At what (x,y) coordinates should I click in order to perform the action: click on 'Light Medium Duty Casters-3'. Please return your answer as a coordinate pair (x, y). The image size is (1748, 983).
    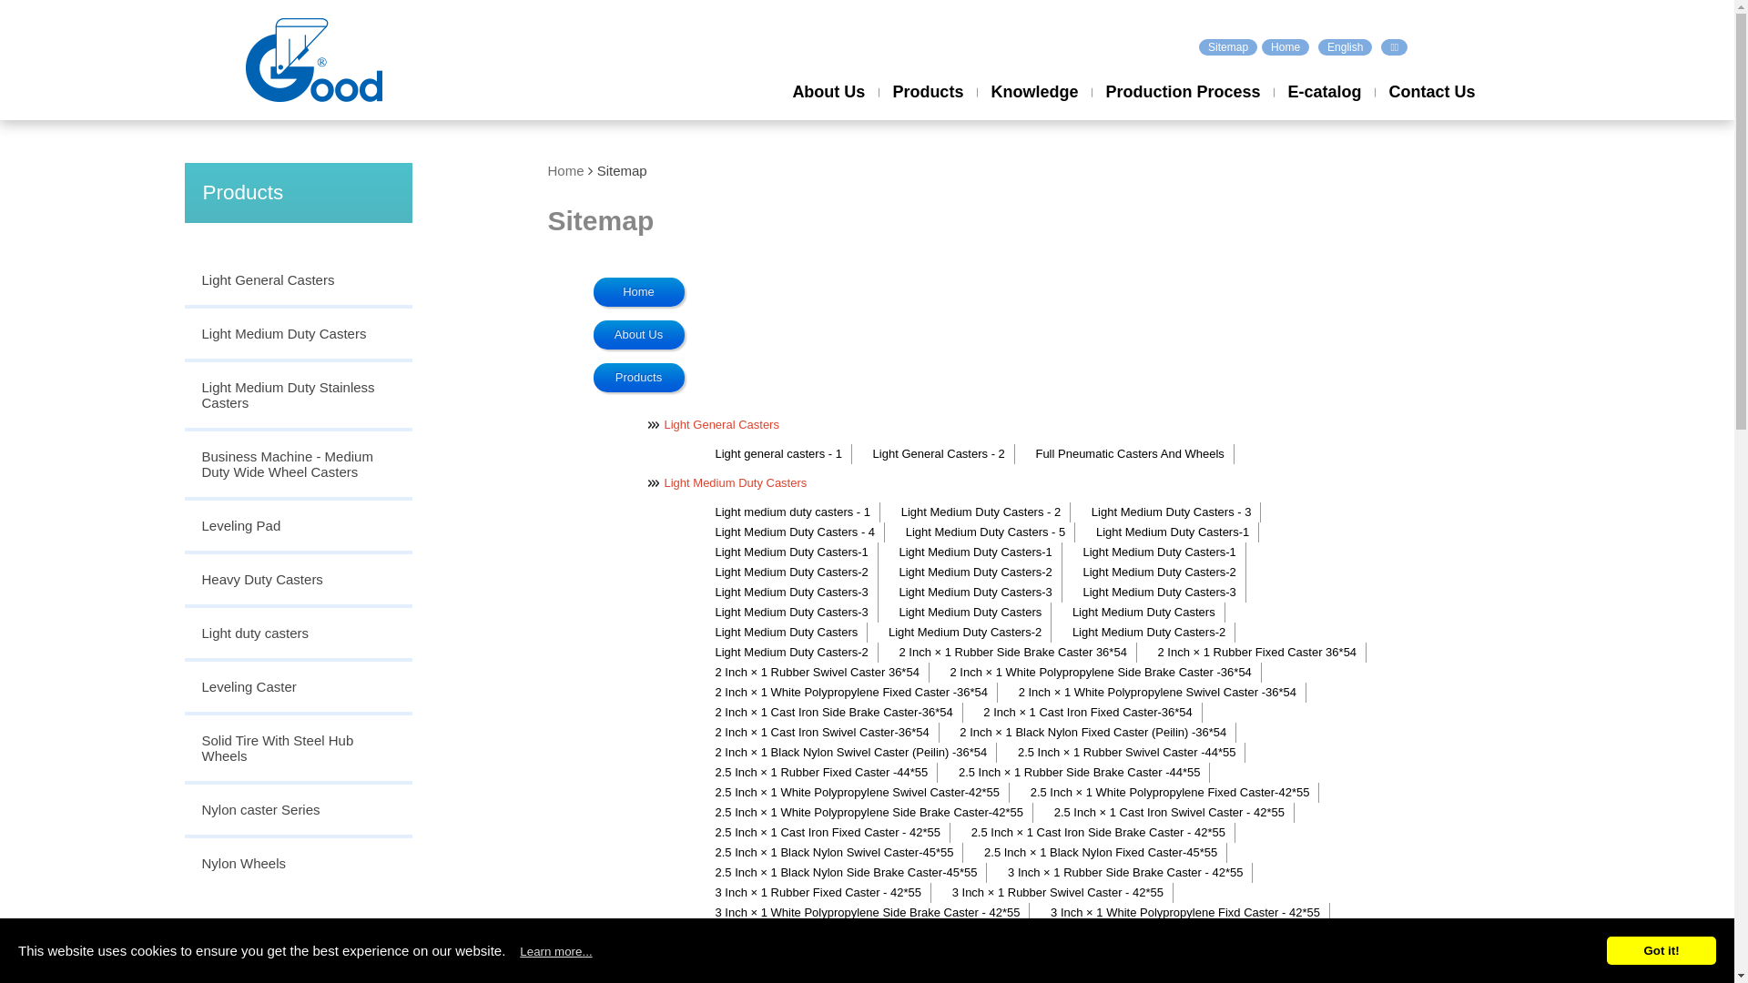
    Looking at the image, I should click on (1156, 593).